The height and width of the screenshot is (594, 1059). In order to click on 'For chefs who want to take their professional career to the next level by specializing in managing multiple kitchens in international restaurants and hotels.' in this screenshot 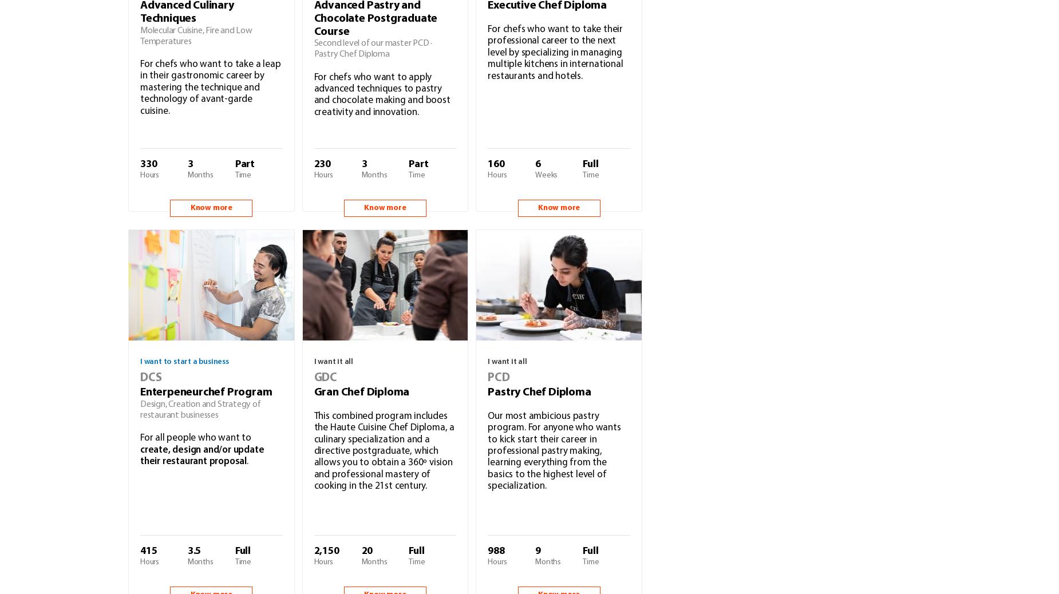, I will do `click(554, 52)`.